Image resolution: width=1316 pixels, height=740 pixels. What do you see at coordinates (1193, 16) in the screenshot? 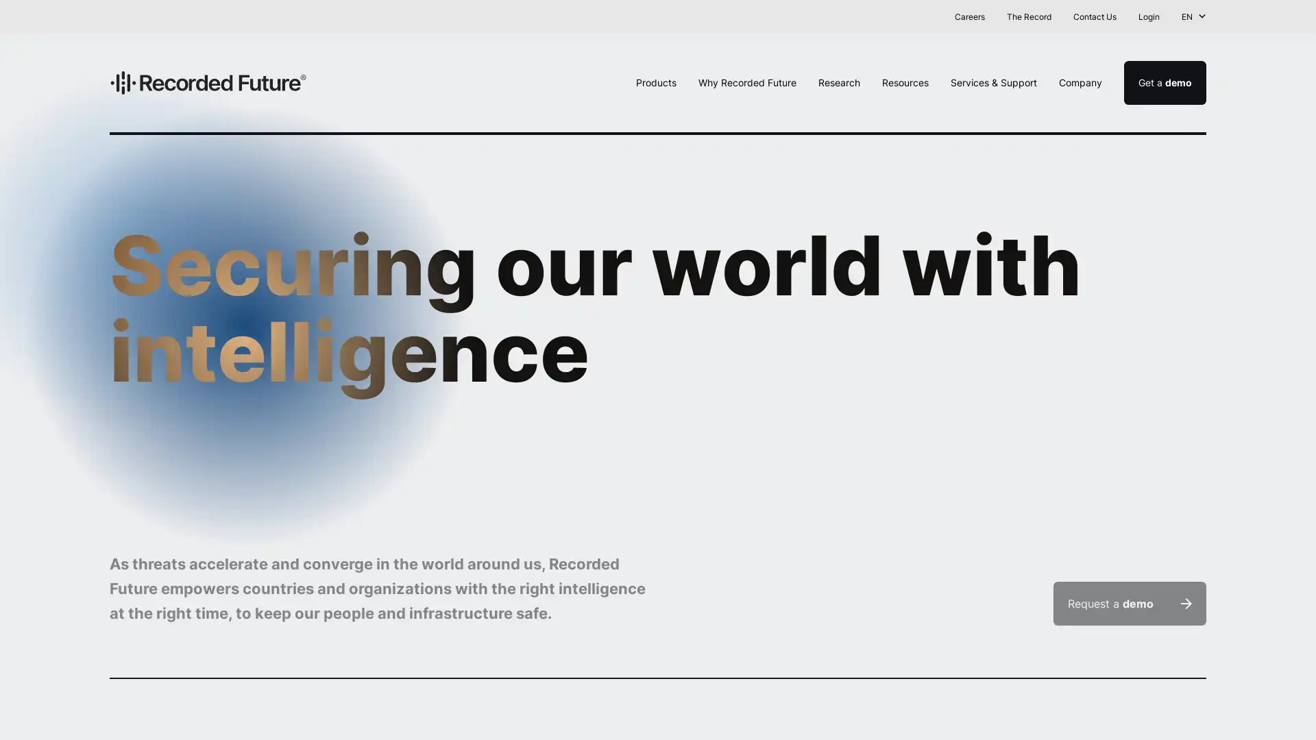
I see `EN` at bounding box center [1193, 16].